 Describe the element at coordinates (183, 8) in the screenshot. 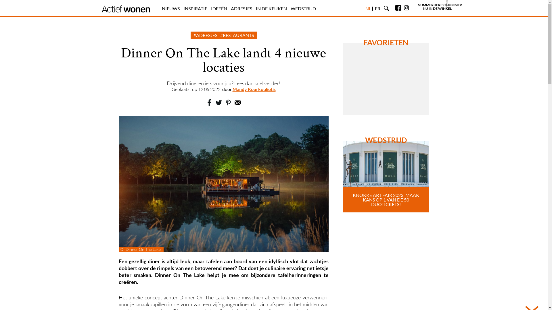

I see `'INSPIRATIE'` at that location.